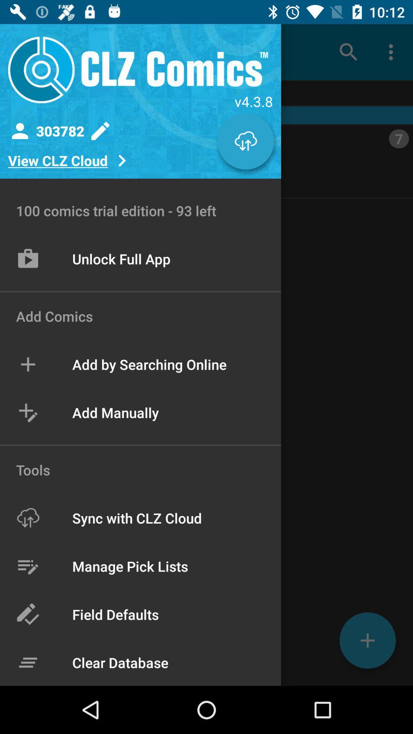 This screenshot has height=734, width=413. What do you see at coordinates (367, 640) in the screenshot?
I see `the add icon` at bounding box center [367, 640].